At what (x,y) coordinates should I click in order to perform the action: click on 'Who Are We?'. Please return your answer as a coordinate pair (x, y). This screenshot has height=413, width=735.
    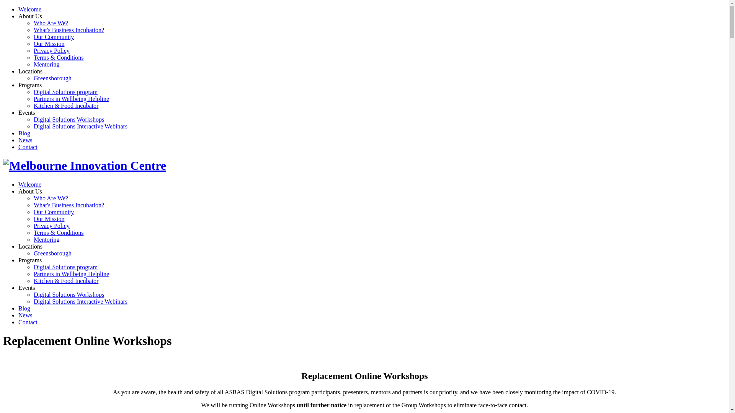
    Looking at the image, I should click on (51, 198).